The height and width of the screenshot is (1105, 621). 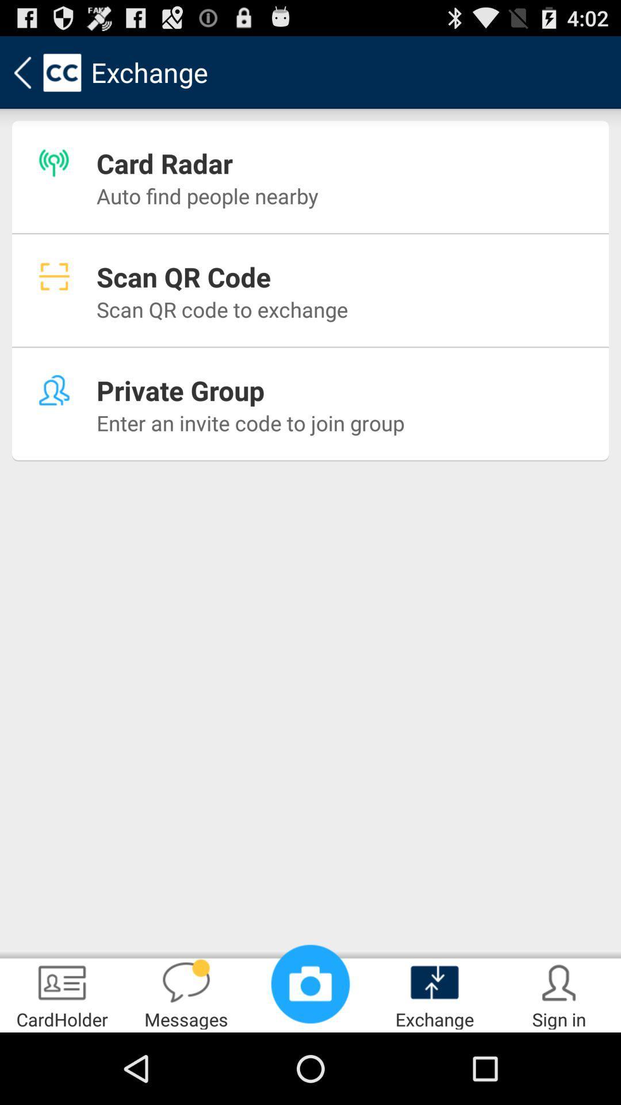 What do you see at coordinates (62, 993) in the screenshot?
I see `the cardholder item` at bounding box center [62, 993].